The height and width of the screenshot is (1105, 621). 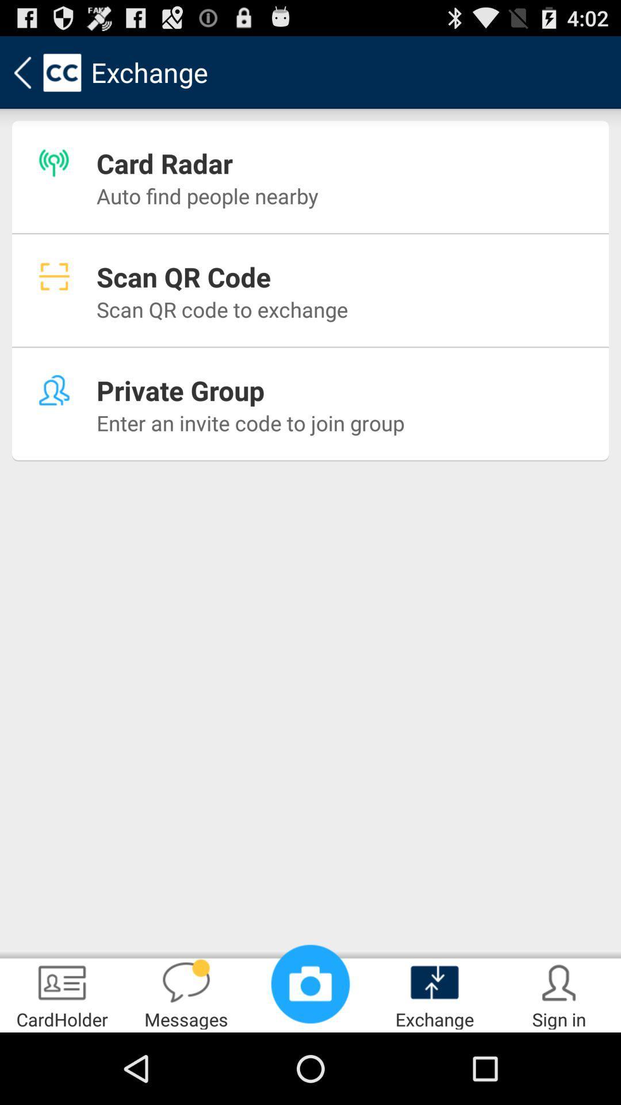 What do you see at coordinates (62, 993) in the screenshot?
I see `the cardholder item` at bounding box center [62, 993].